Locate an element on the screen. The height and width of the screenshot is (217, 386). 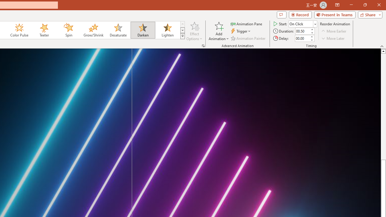
'Move Later' is located at coordinates (333, 38).